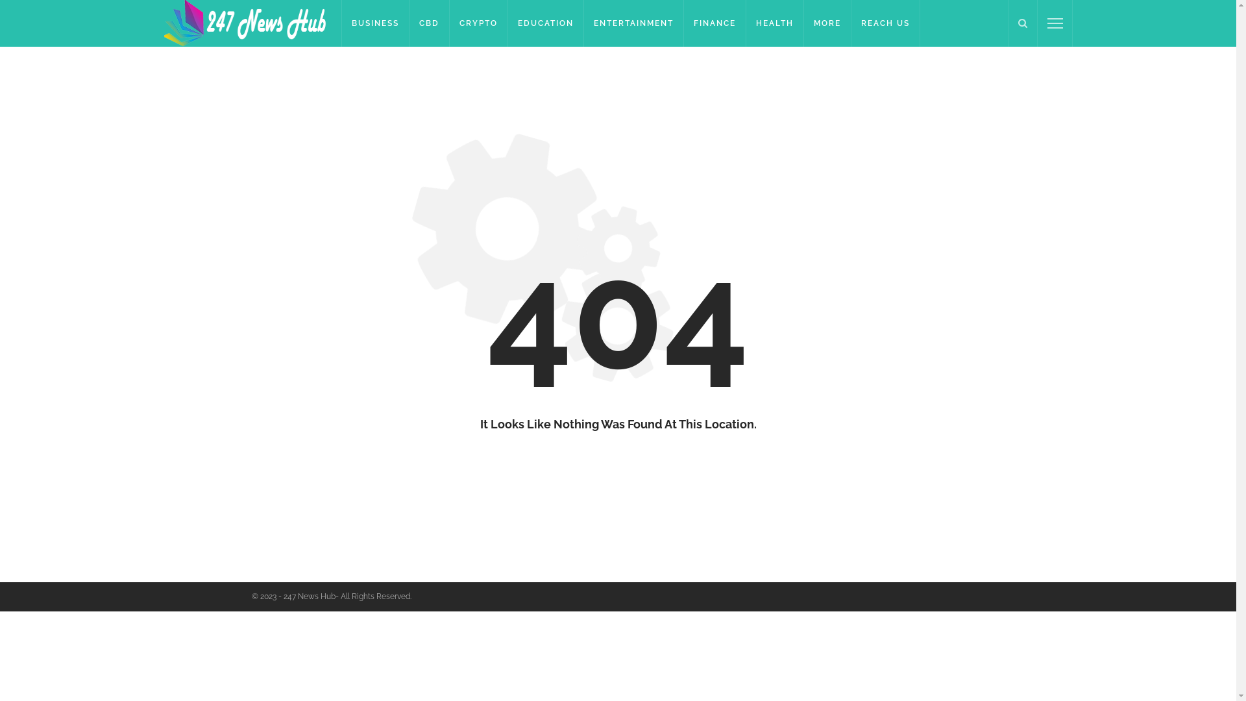 The width and height of the screenshot is (1246, 701). Describe the element at coordinates (775, 23) in the screenshot. I see `'HEALTH'` at that location.